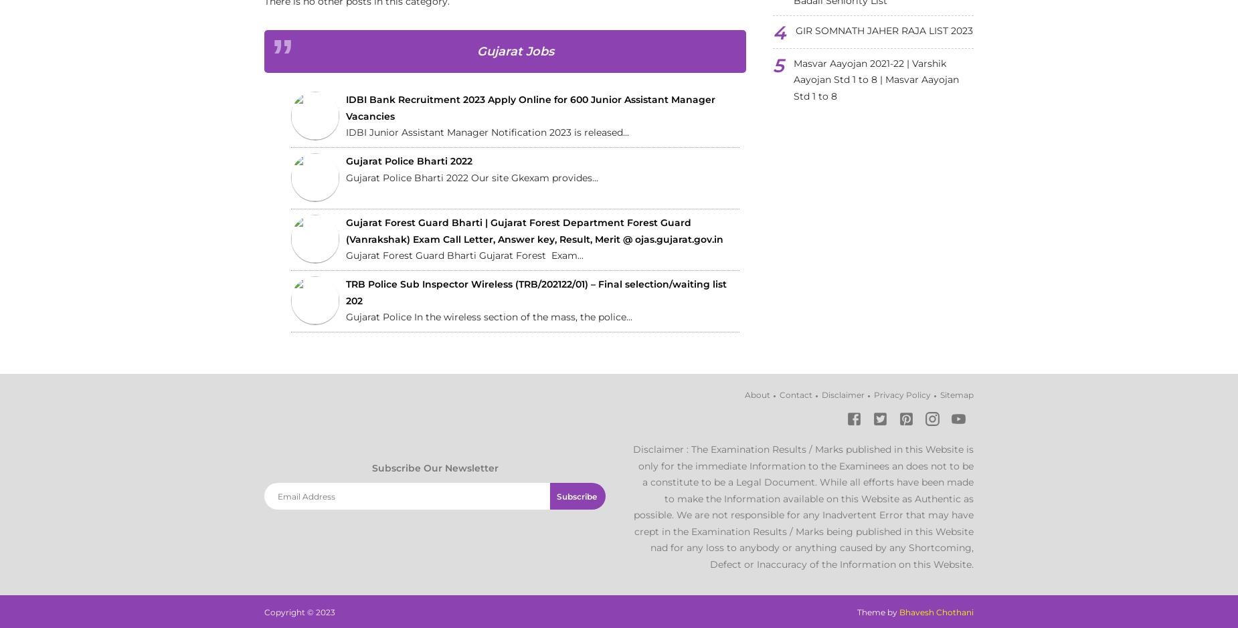  Describe the element at coordinates (936, 611) in the screenshot. I see `'Bhavesh Chothani'` at that location.